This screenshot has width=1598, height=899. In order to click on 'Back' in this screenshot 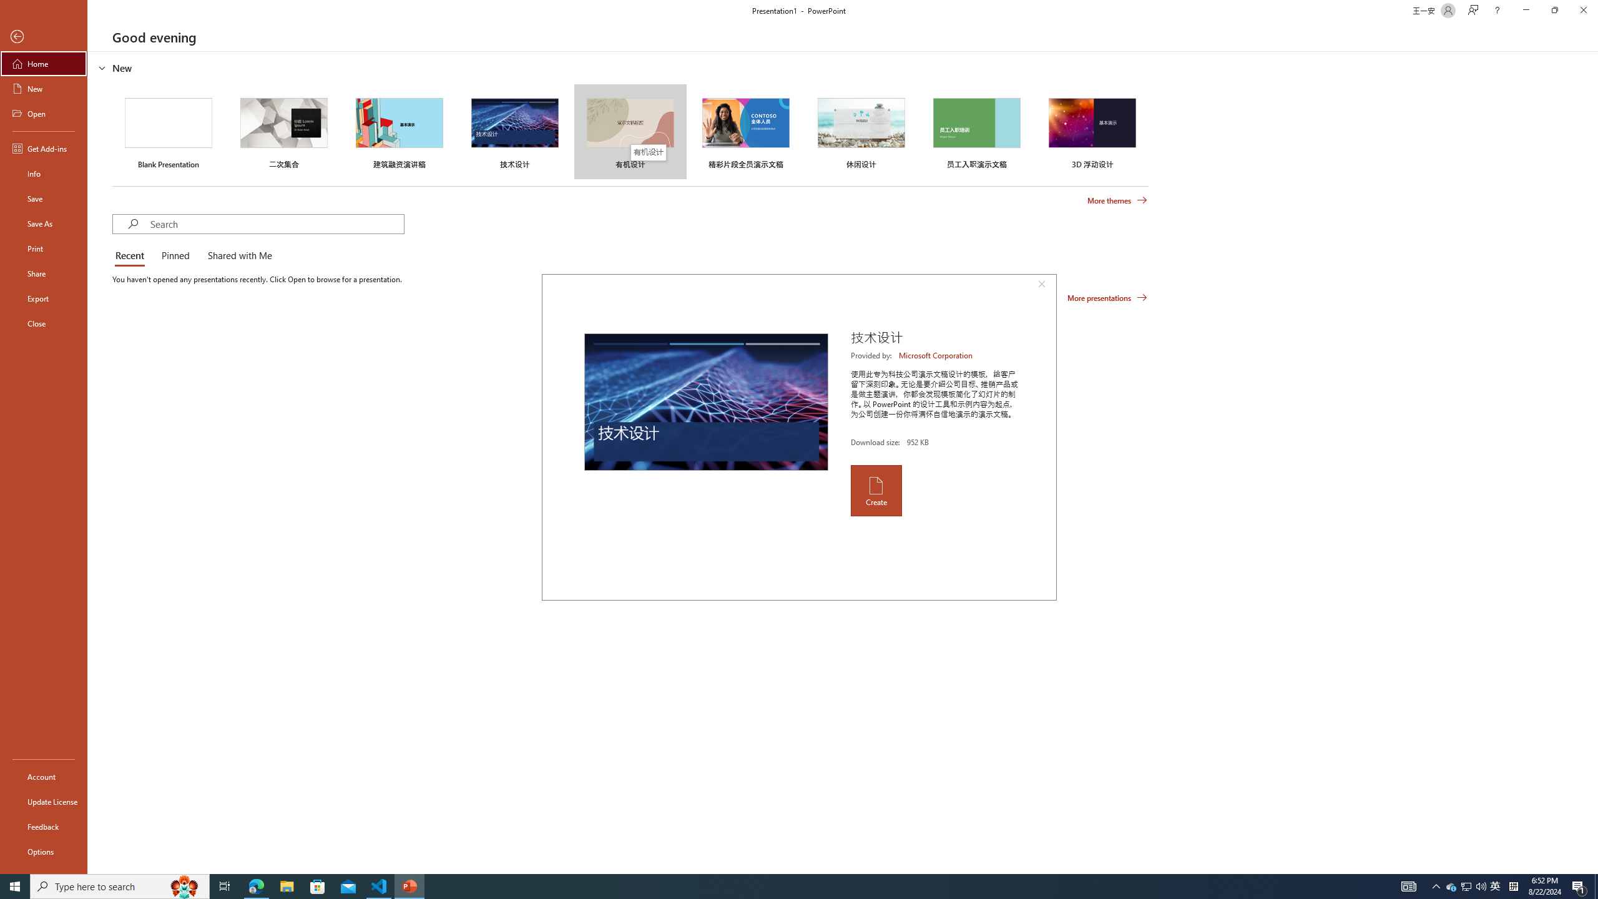, I will do `click(43, 36)`.